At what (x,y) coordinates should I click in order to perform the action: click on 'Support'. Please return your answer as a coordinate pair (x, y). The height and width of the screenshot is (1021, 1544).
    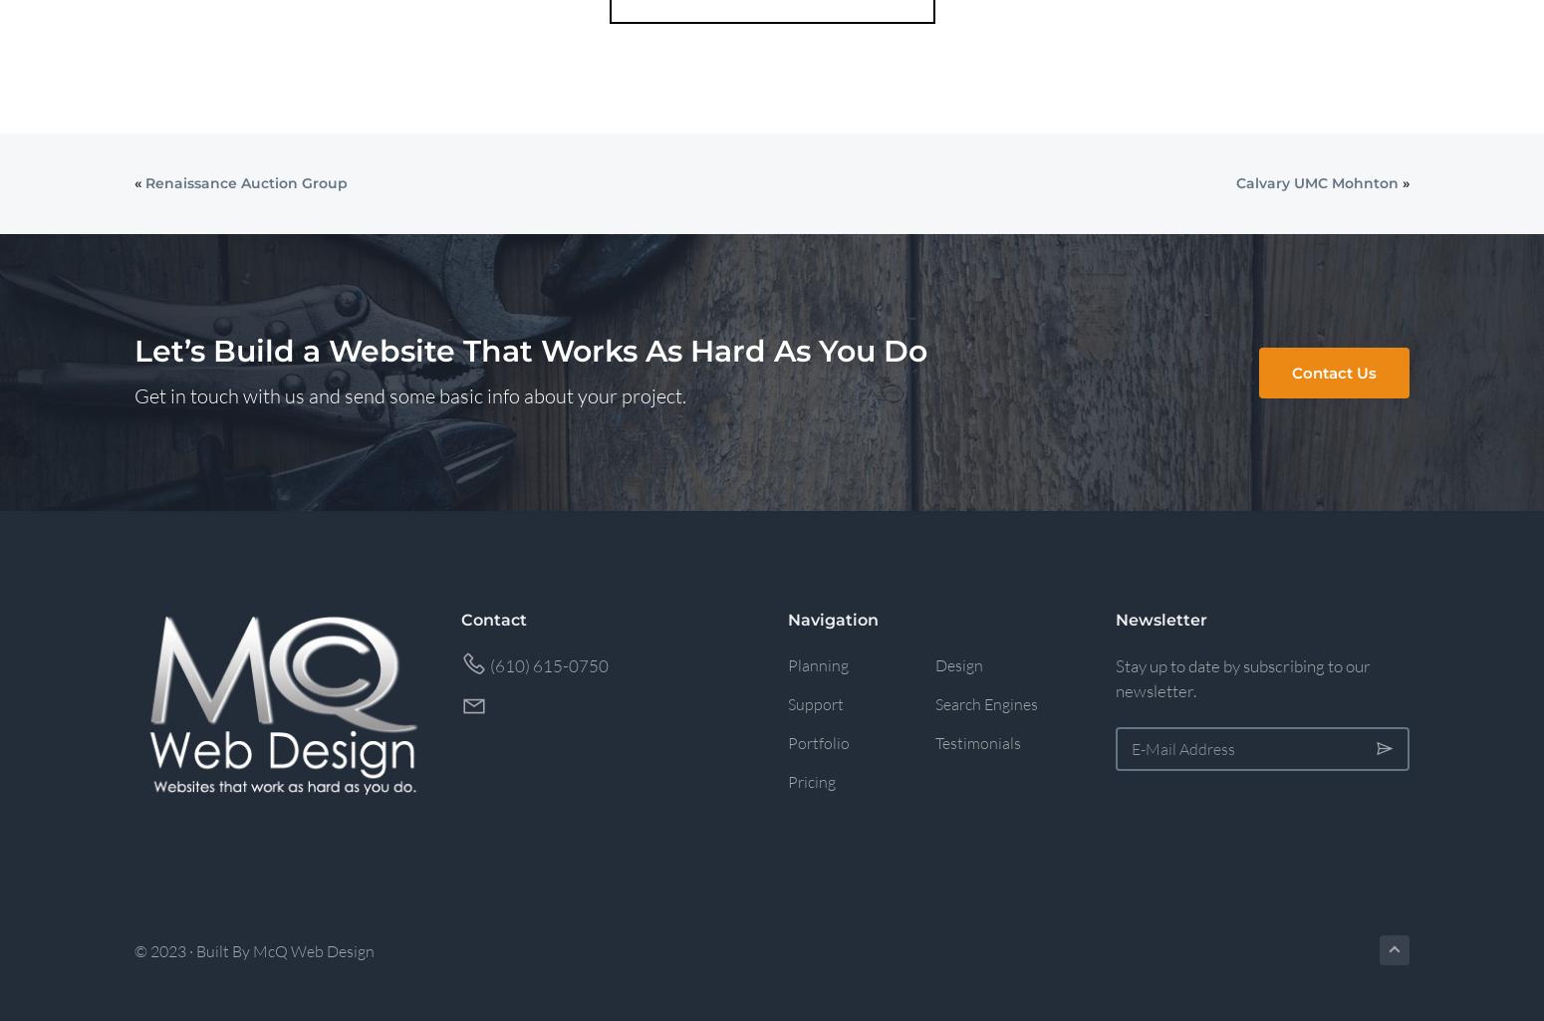
    Looking at the image, I should click on (786, 702).